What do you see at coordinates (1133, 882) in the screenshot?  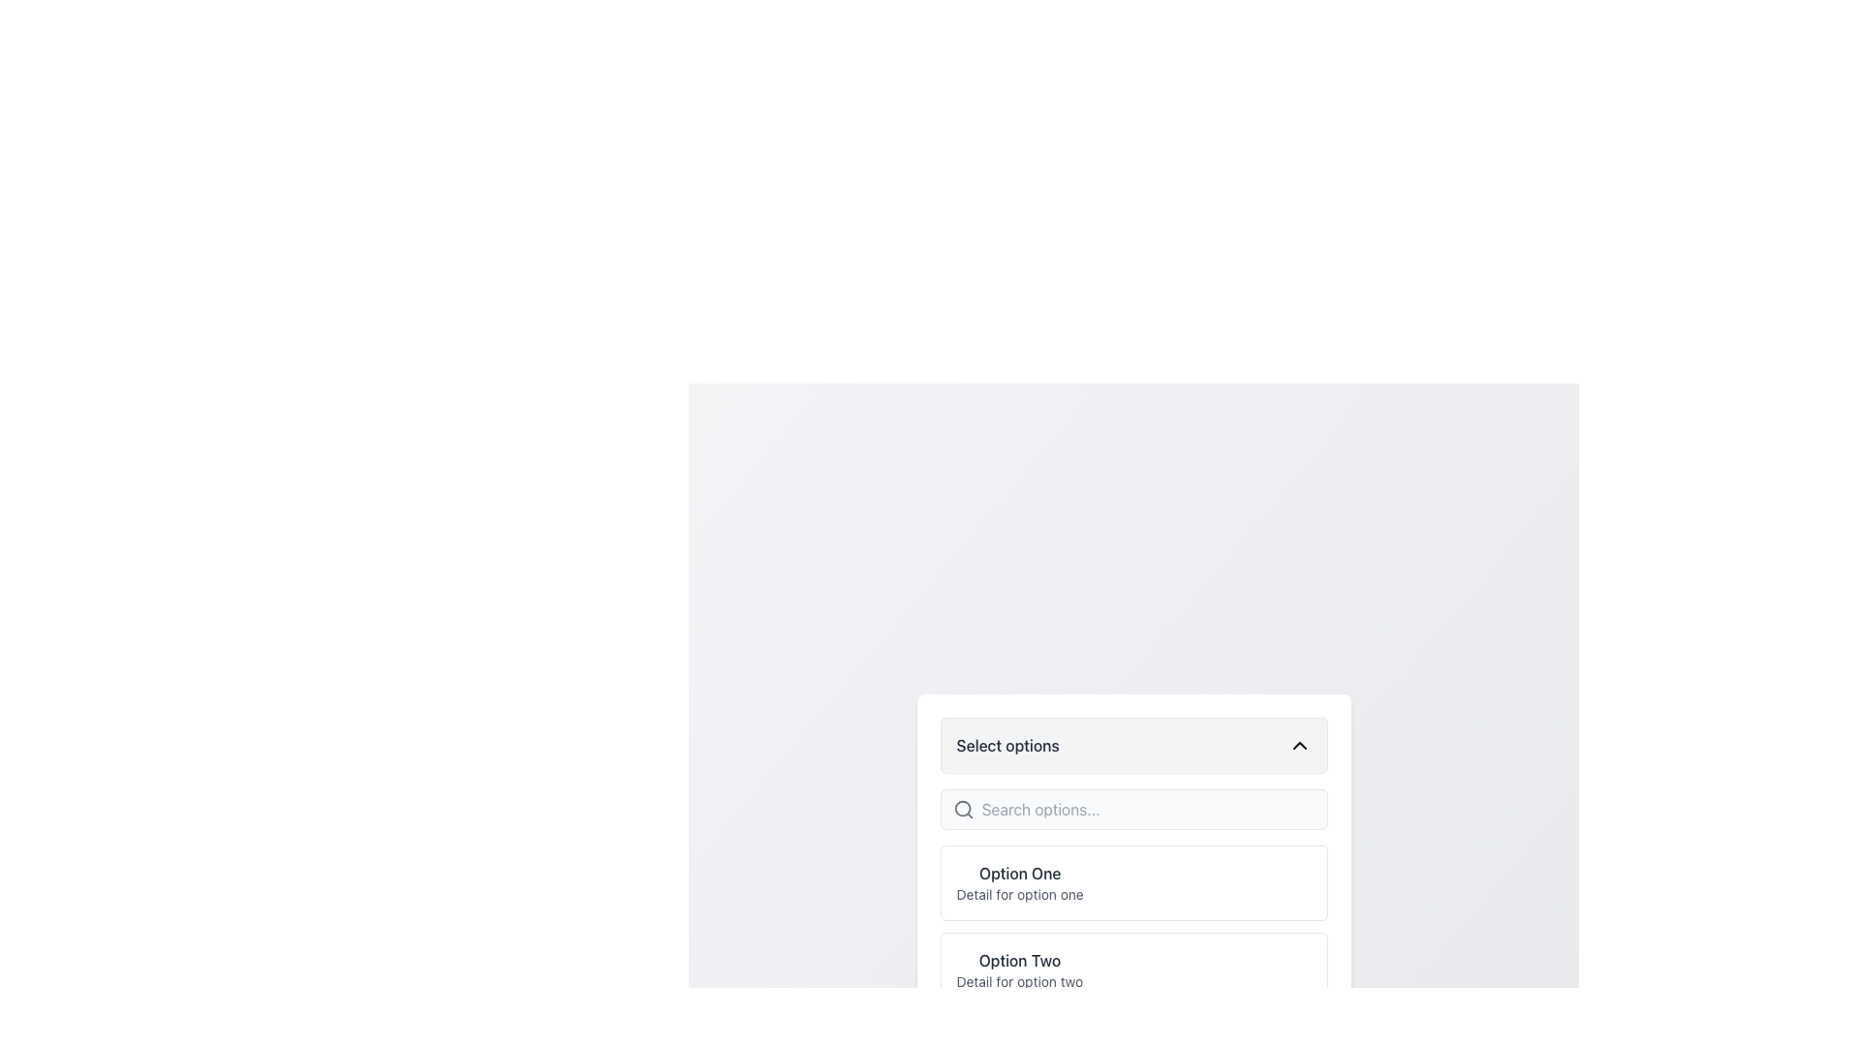 I see `the first selectable list item in the dropdown menu, which has a white background, a bold title 'Option One', and a description 'Detail for option one'` at bounding box center [1133, 882].